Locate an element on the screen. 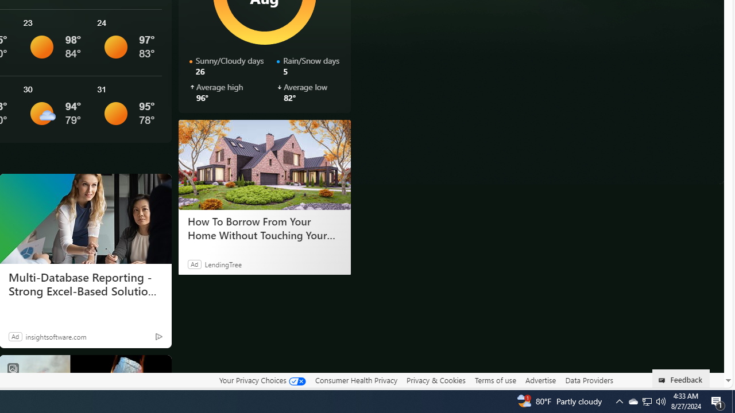 This screenshot has height=413, width=735. 'Privacy & Cookies' is located at coordinates (435, 380).